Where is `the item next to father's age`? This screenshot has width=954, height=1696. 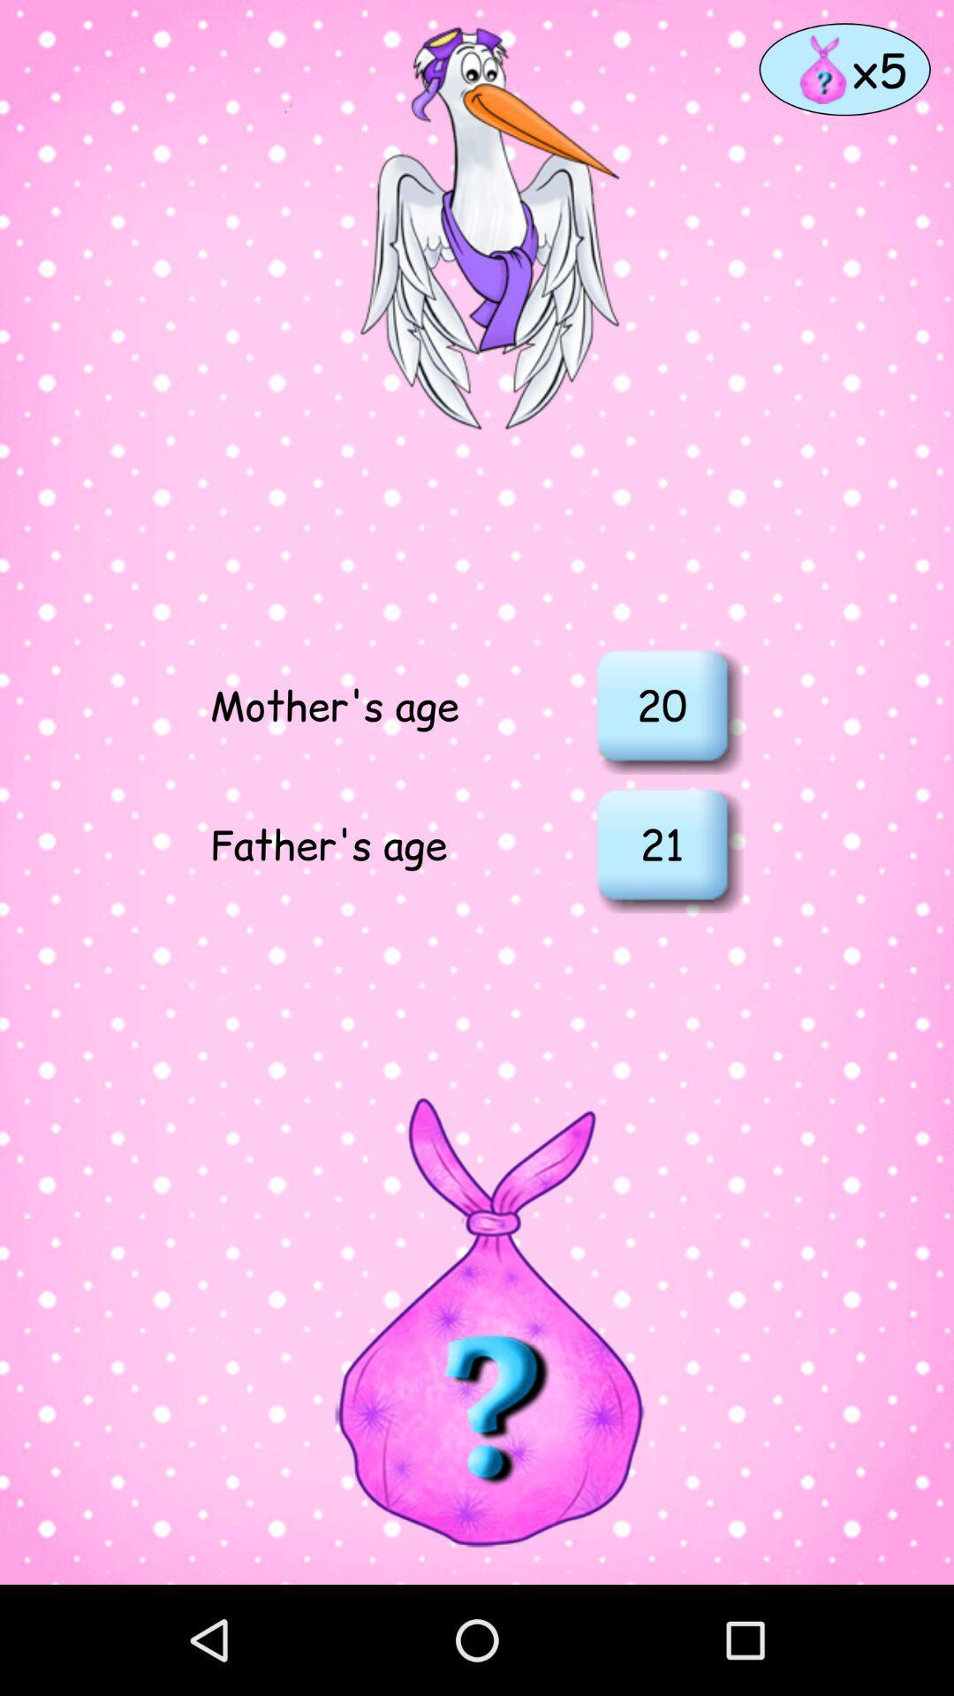 the item next to father's age is located at coordinates (662, 843).